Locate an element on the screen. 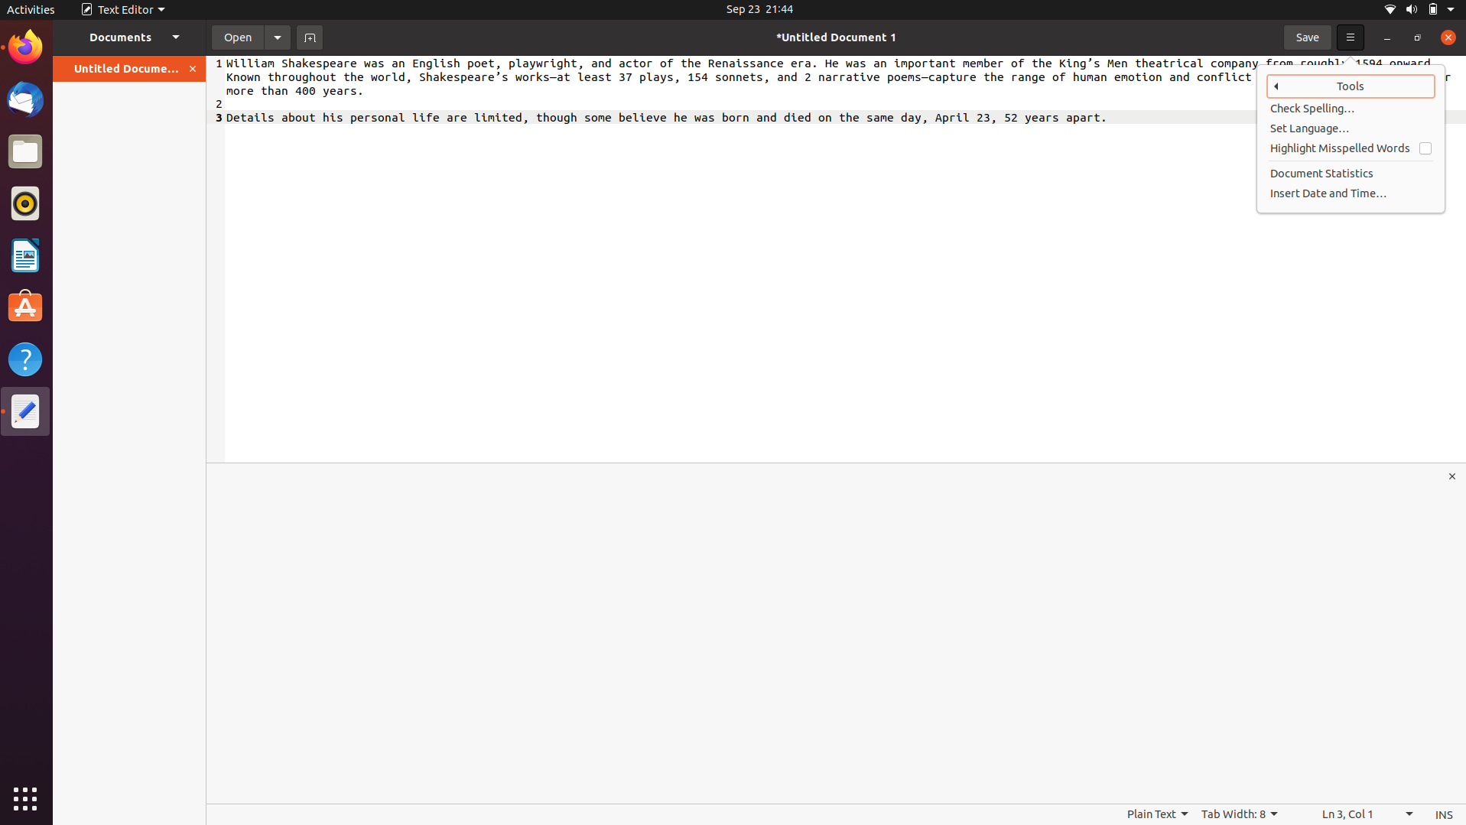 Image resolution: width=1466 pixels, height=825 pixels. document named textfile.txt is located at coordinates (235, 36).